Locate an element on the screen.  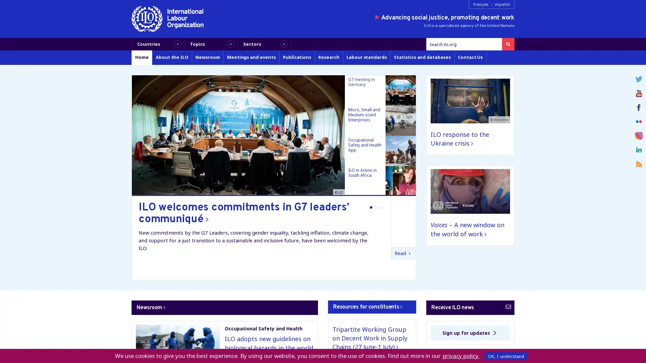
Sign up for updates is located at coordinates (470, 333).